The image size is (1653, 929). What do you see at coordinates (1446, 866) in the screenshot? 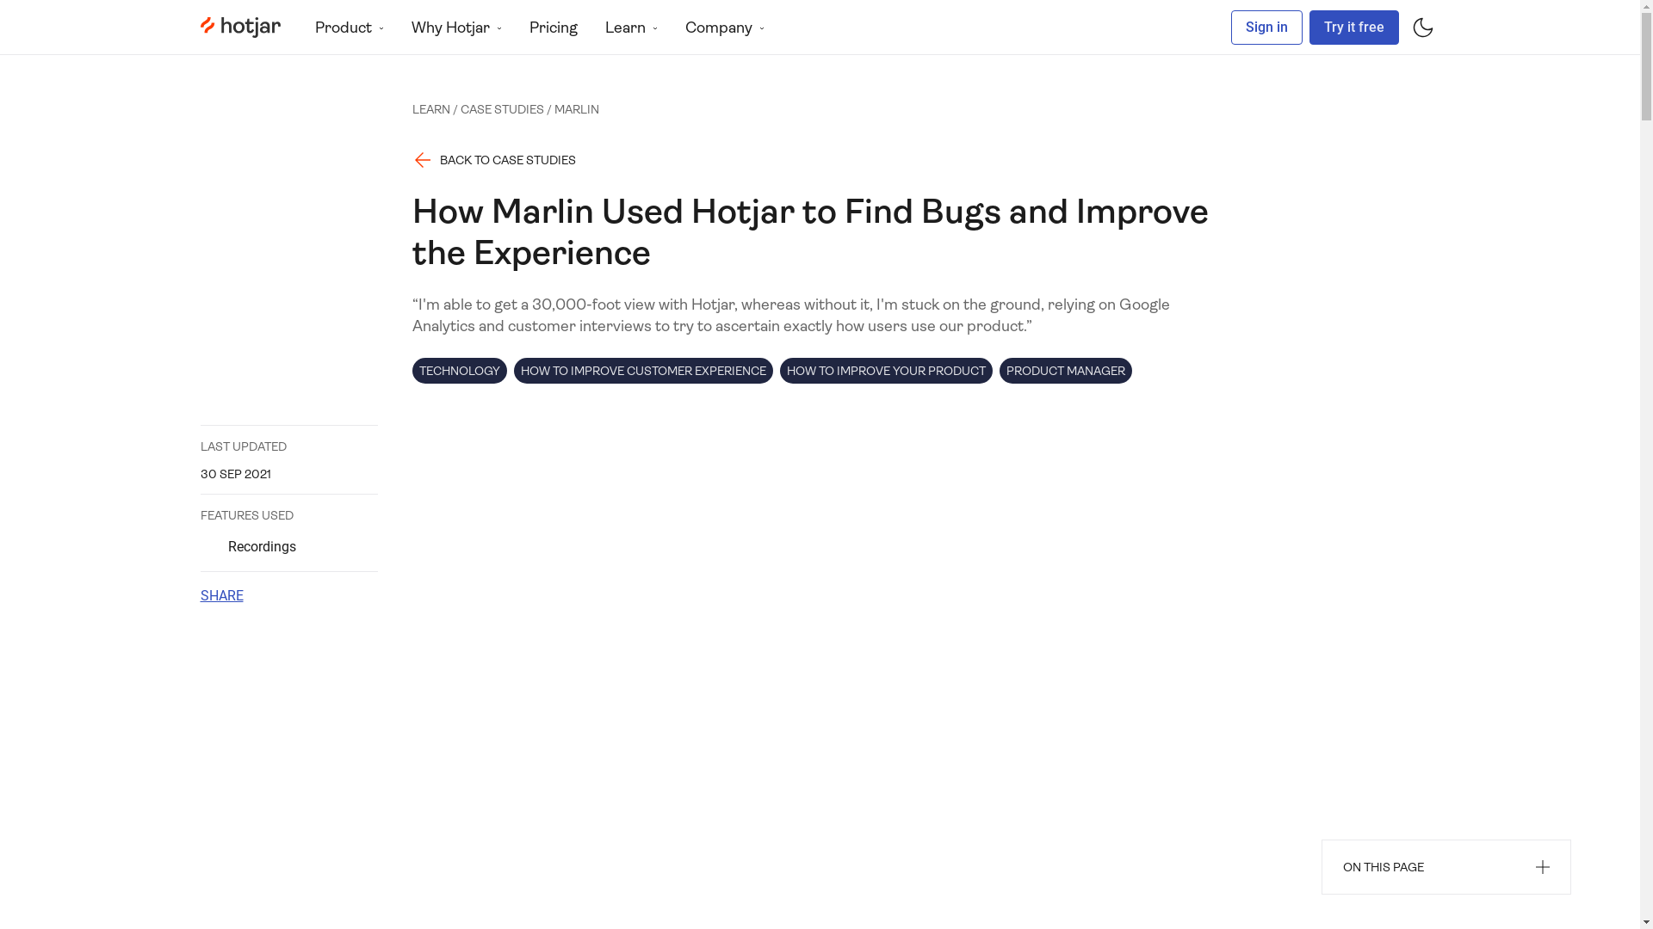
I see `'ON THIS PAGE'` at bounding box center [1446, 866].